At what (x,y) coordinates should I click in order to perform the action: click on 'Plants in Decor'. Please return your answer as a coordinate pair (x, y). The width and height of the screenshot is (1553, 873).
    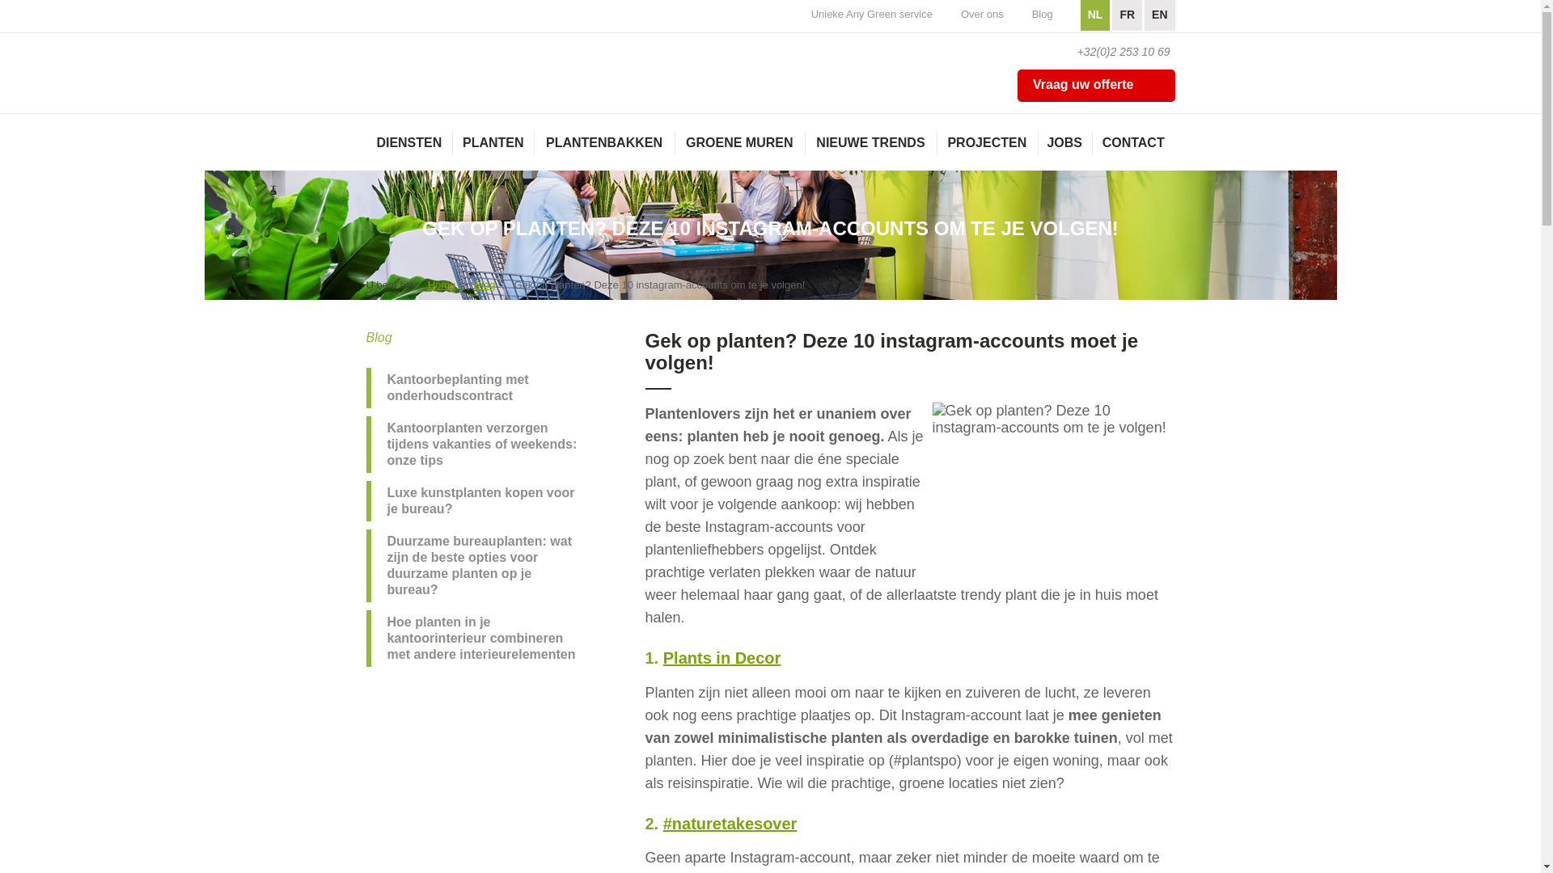
    Looking at the image, I should click on (721, 657).